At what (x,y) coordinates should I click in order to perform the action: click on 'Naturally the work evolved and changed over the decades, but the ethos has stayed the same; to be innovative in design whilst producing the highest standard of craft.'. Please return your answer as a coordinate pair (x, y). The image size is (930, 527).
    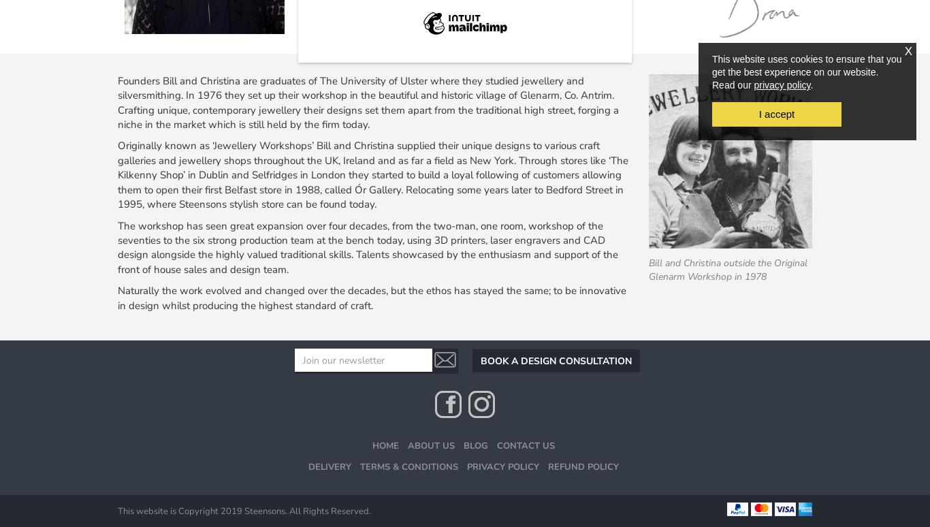
    Looking at the image, I should click on (116, 297).